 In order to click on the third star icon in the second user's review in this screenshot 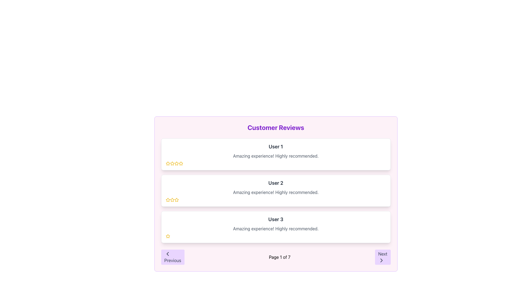, I will do `click(176, 200)`.